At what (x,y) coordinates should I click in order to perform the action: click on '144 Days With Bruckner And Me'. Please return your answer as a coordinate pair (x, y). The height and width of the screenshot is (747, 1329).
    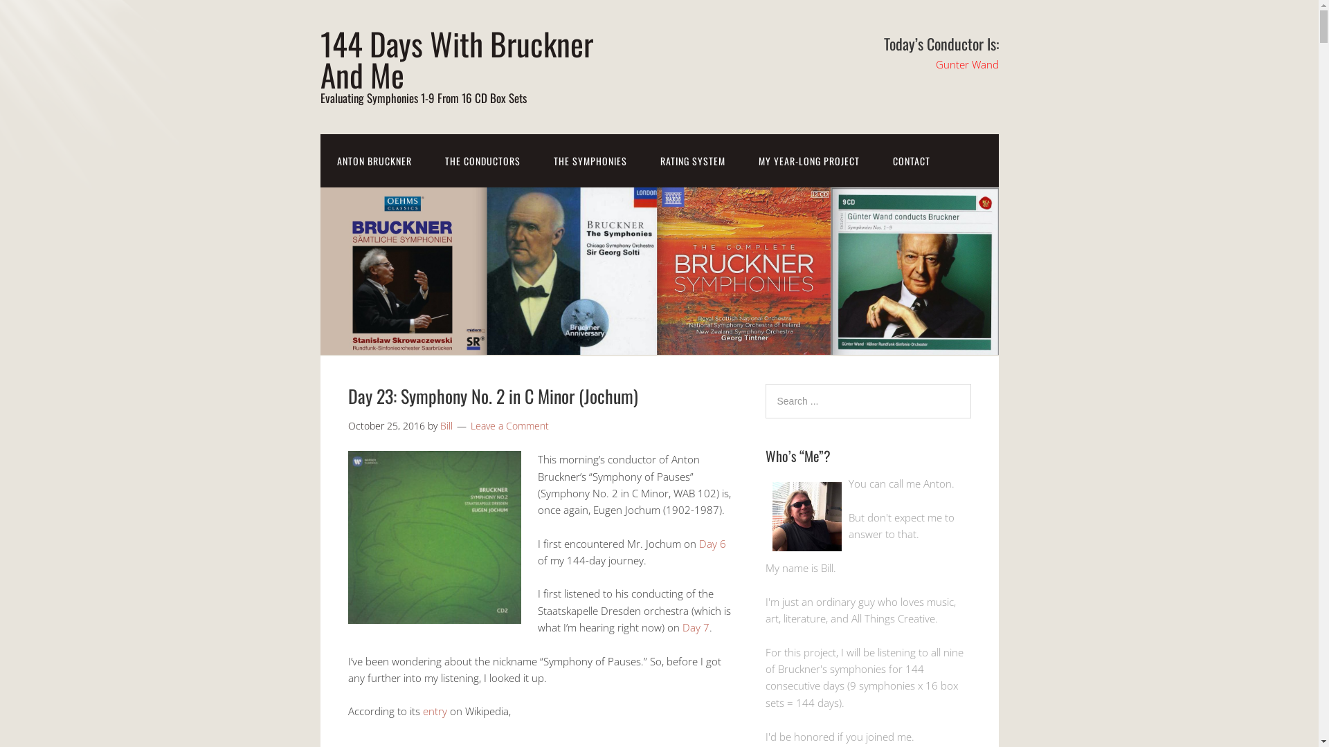
    Looking at the image, I should click on (455, 57).